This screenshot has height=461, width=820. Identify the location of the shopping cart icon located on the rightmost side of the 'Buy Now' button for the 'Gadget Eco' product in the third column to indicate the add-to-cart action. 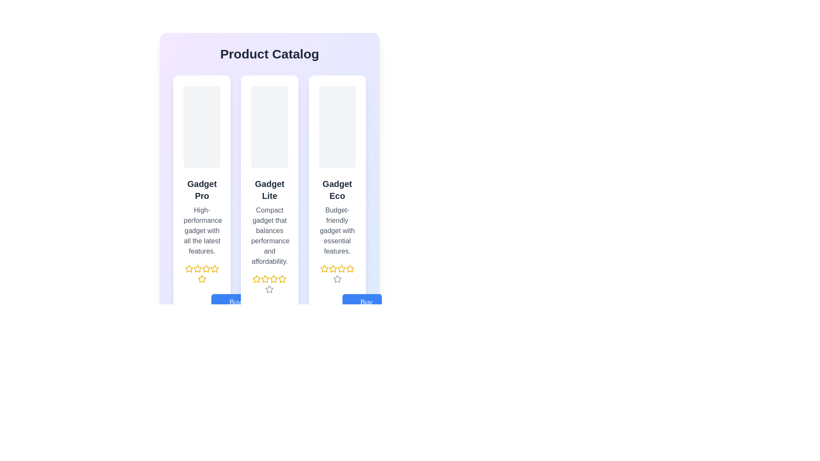
(351, 308).